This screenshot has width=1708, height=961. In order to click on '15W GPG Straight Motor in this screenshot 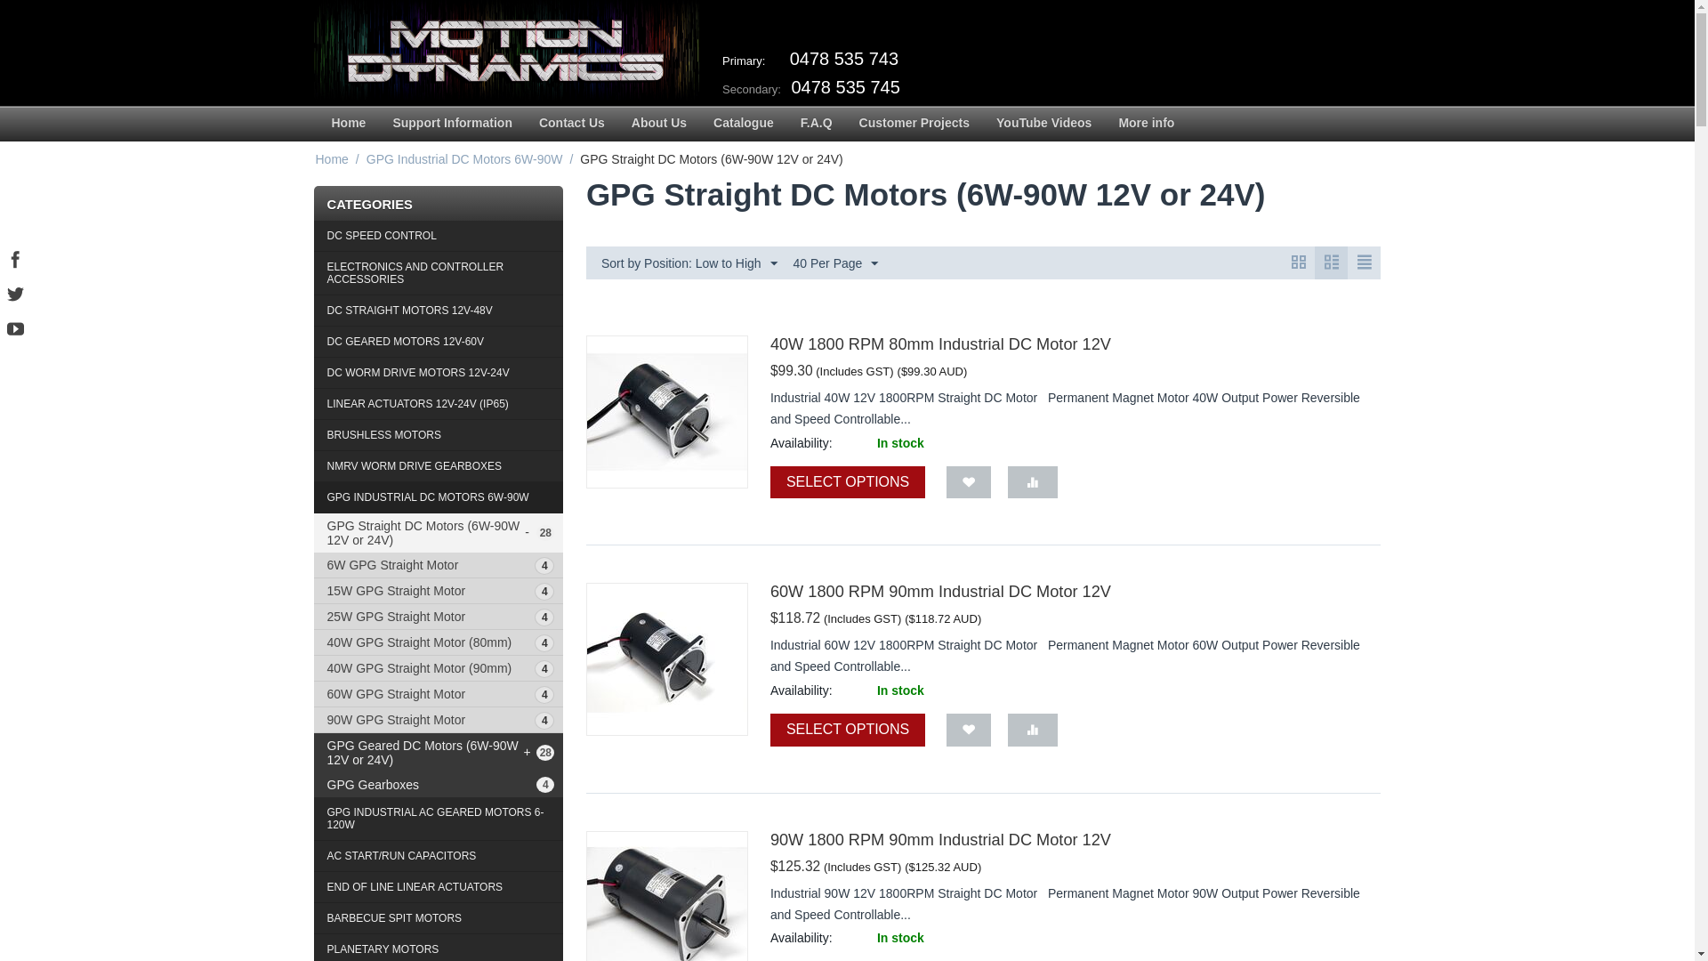, I will do `click(438, 590)`.